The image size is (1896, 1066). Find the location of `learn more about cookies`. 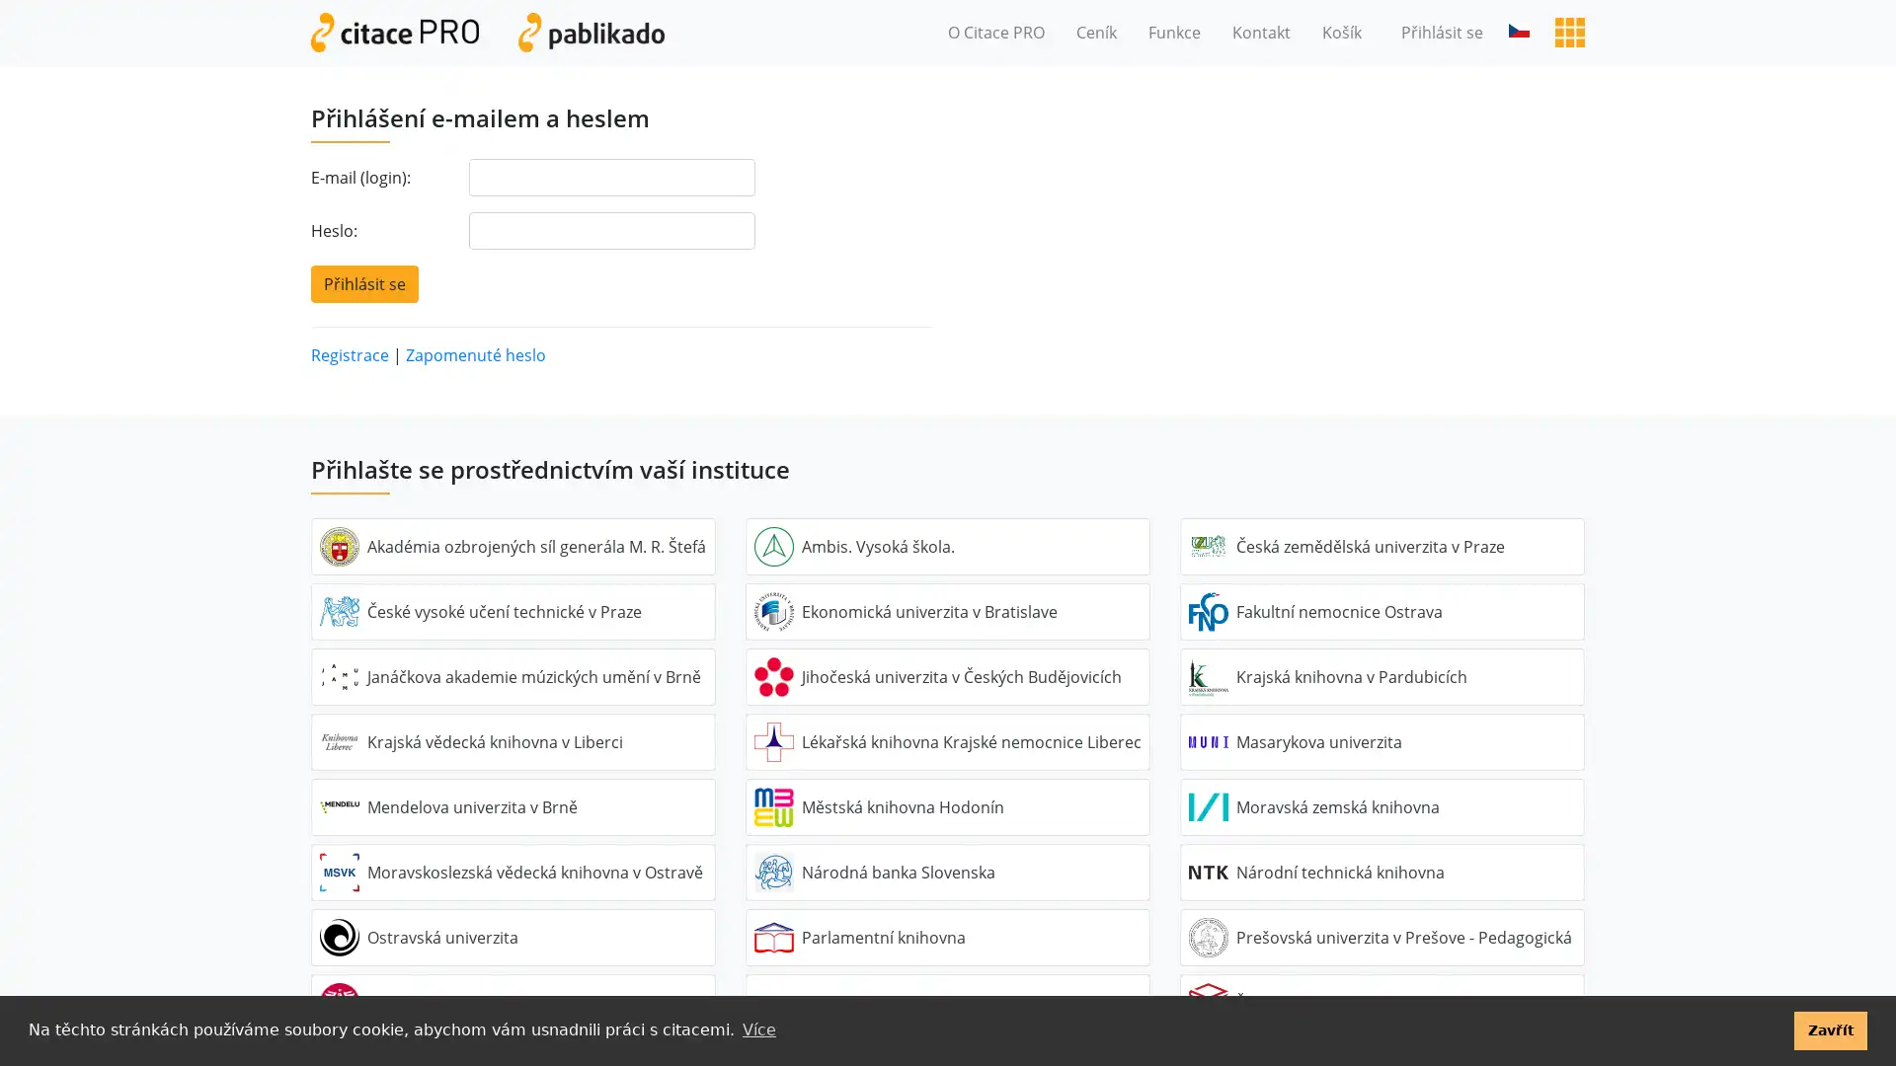

learn more about cookies is located at coordinates (757, 1029).